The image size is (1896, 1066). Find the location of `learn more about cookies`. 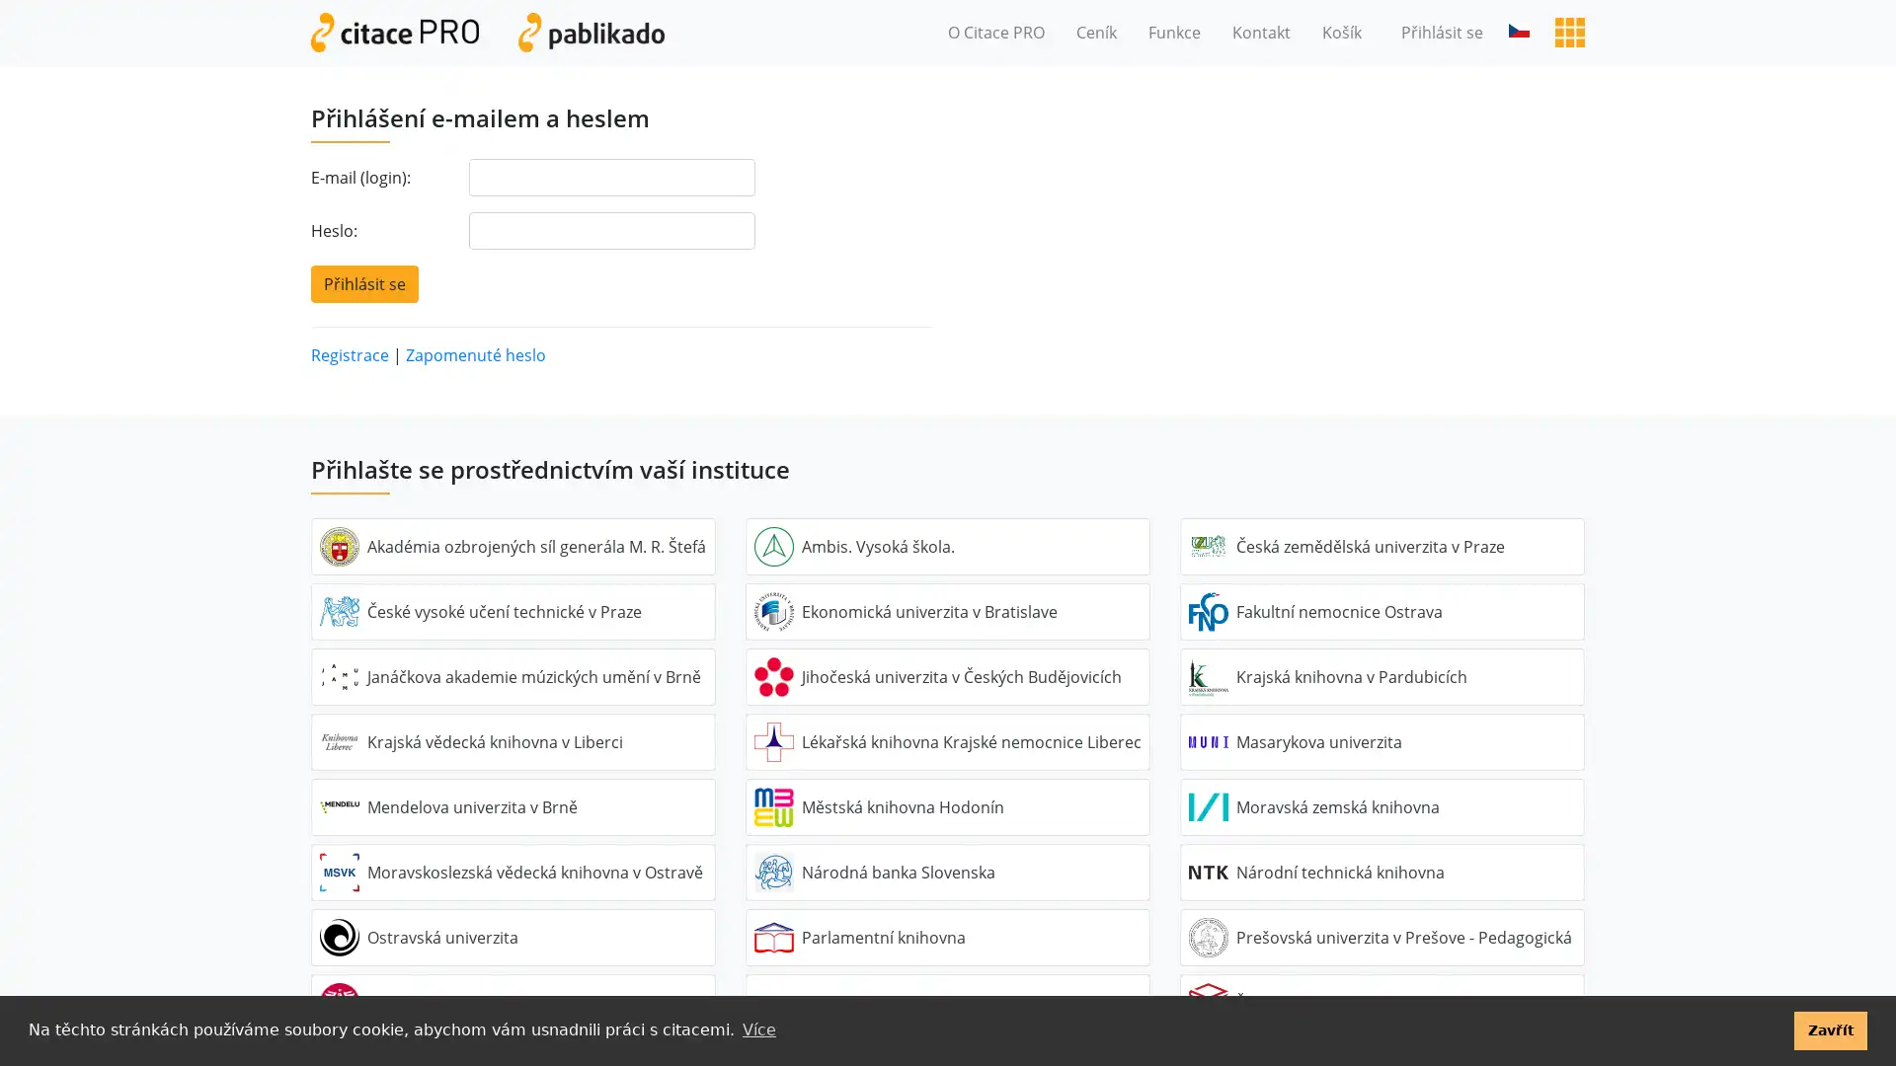

learn more about cookies is located at coordinates (757, 1029).